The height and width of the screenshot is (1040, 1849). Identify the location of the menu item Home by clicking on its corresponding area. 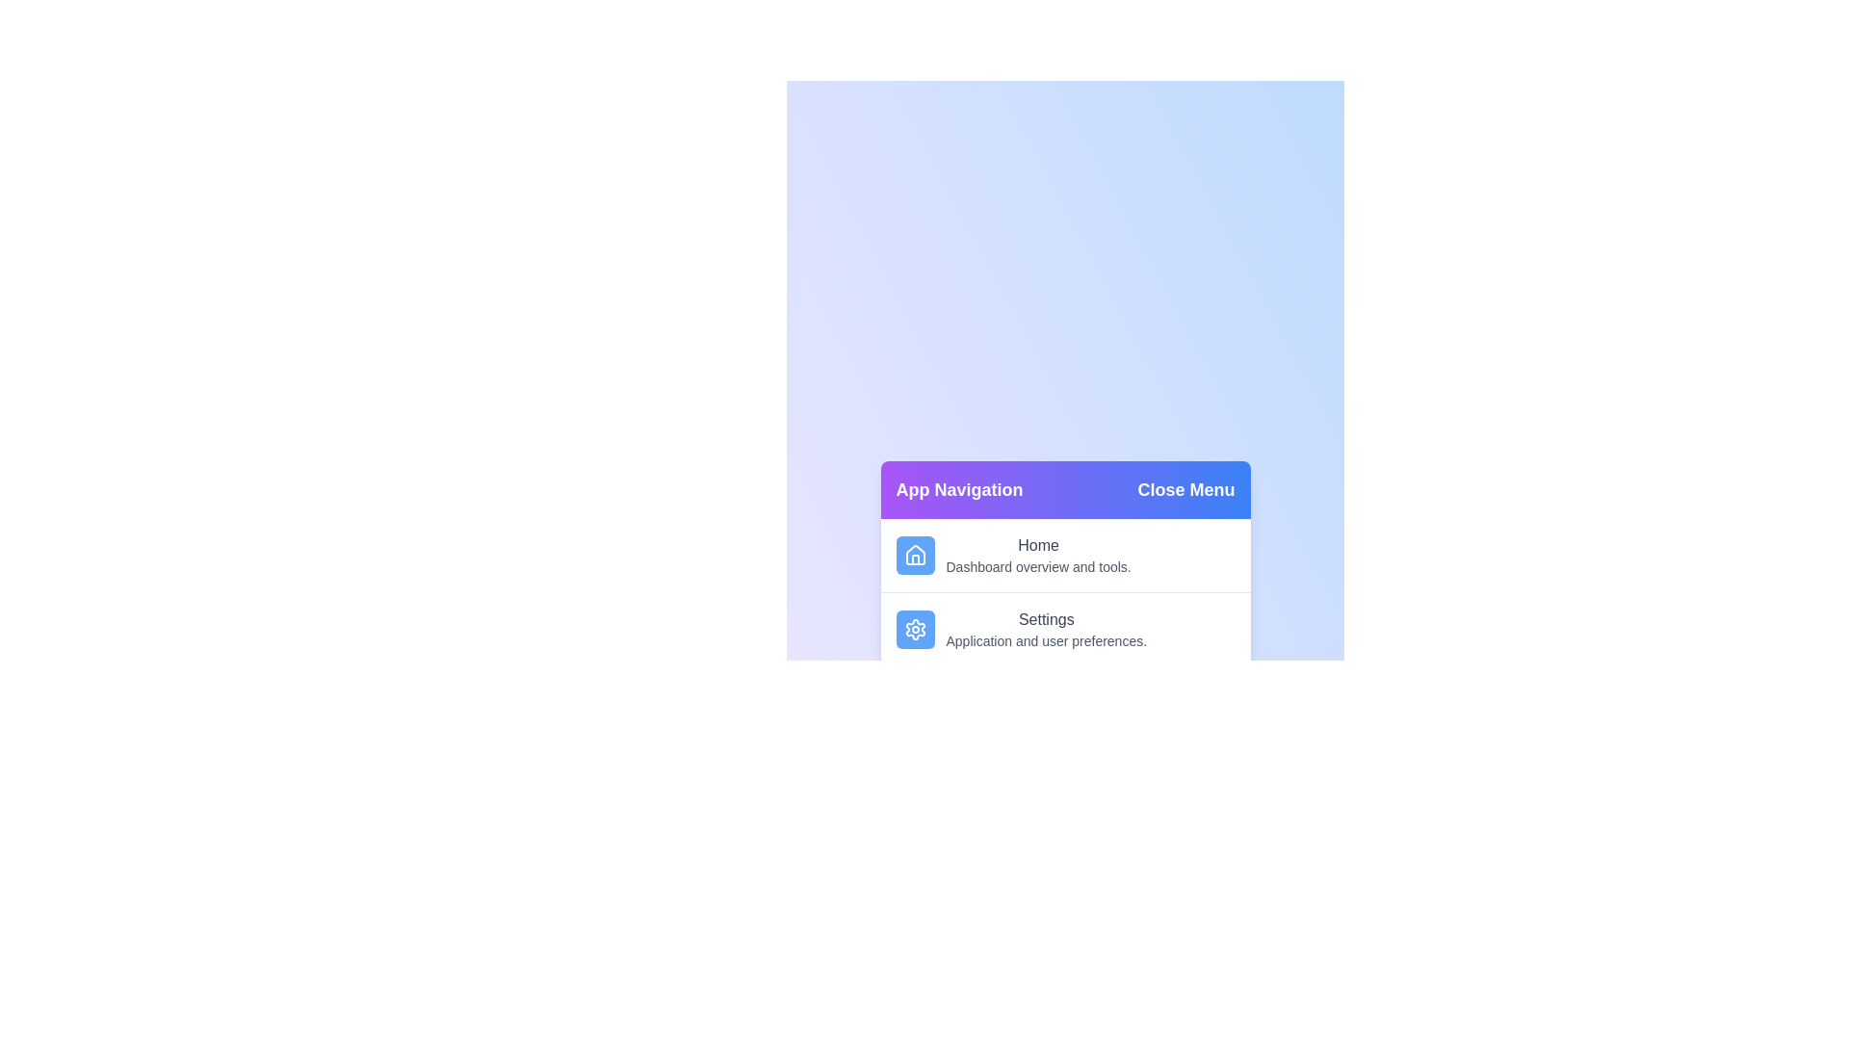
(914, 556).